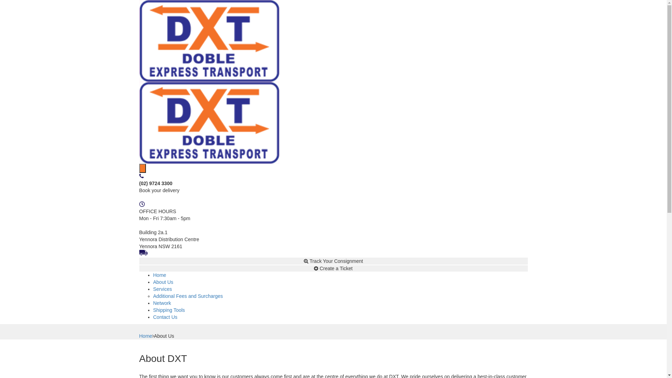 This screenshot has height=378, width=672. I want to click on ' ', so click(142, 168).